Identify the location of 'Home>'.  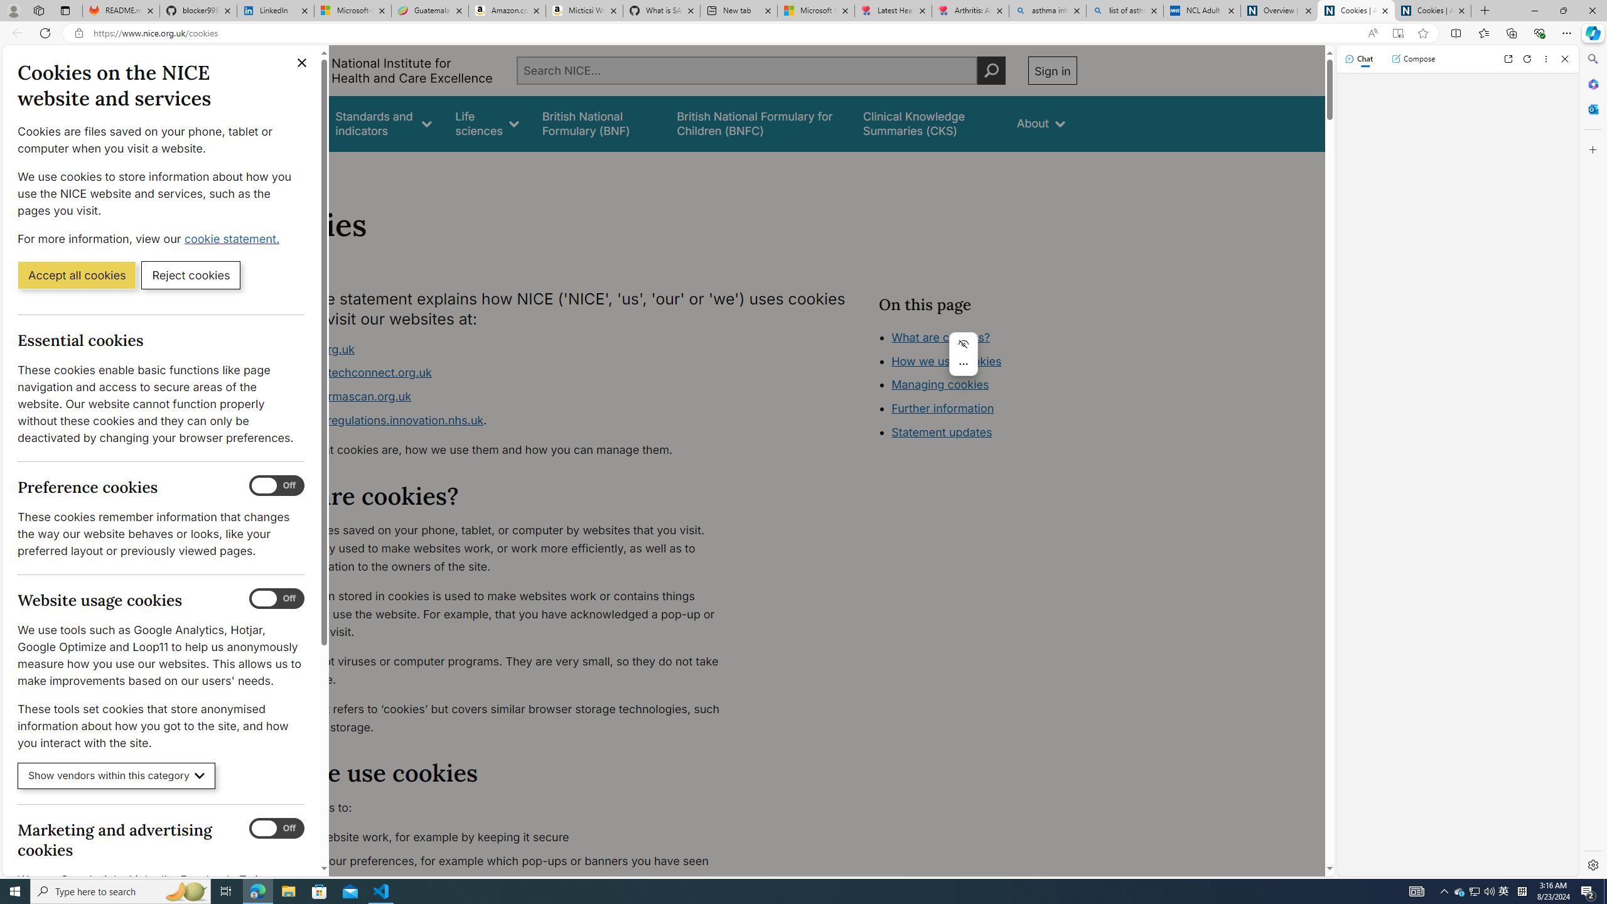
(271, 168).